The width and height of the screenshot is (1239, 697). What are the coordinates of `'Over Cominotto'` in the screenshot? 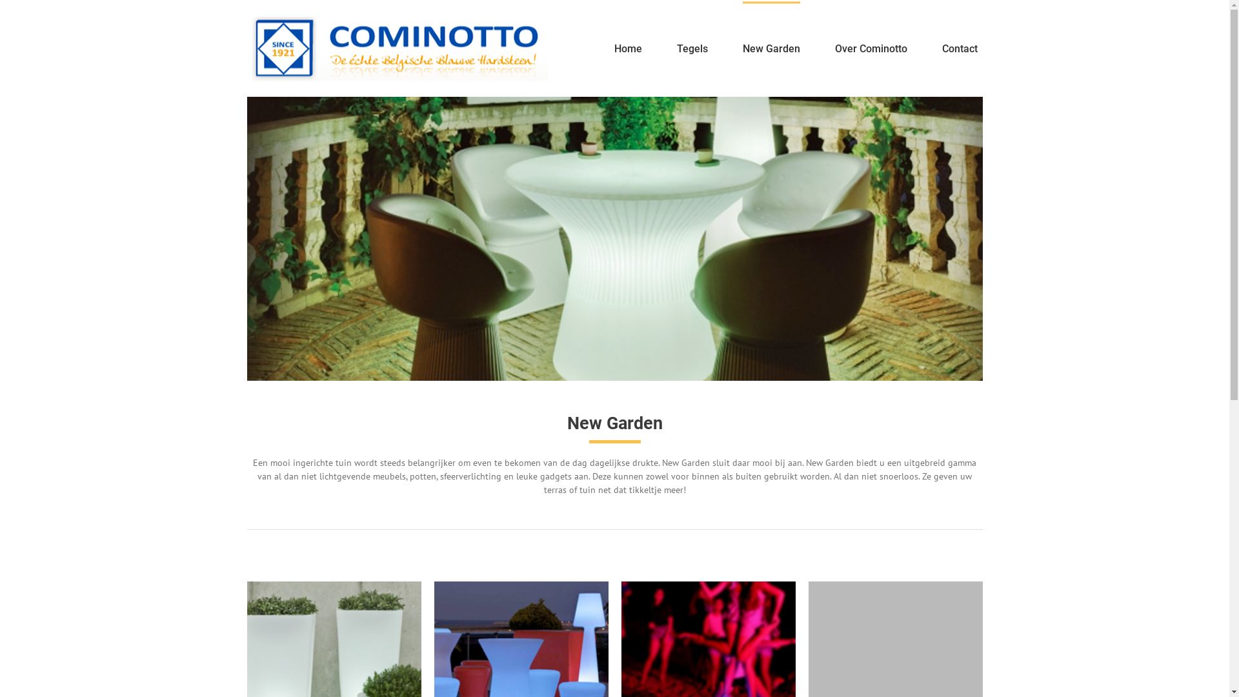 It's located at (835, 47).